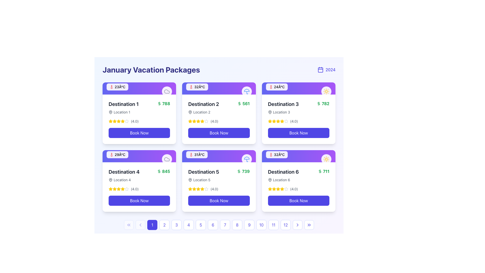  I want to click on the text label indicating the destination for the vacation package card, which is located in the first row of the second column, above 'Location 3' and adjacent to the 'Book Now' button, so click(283, 104).